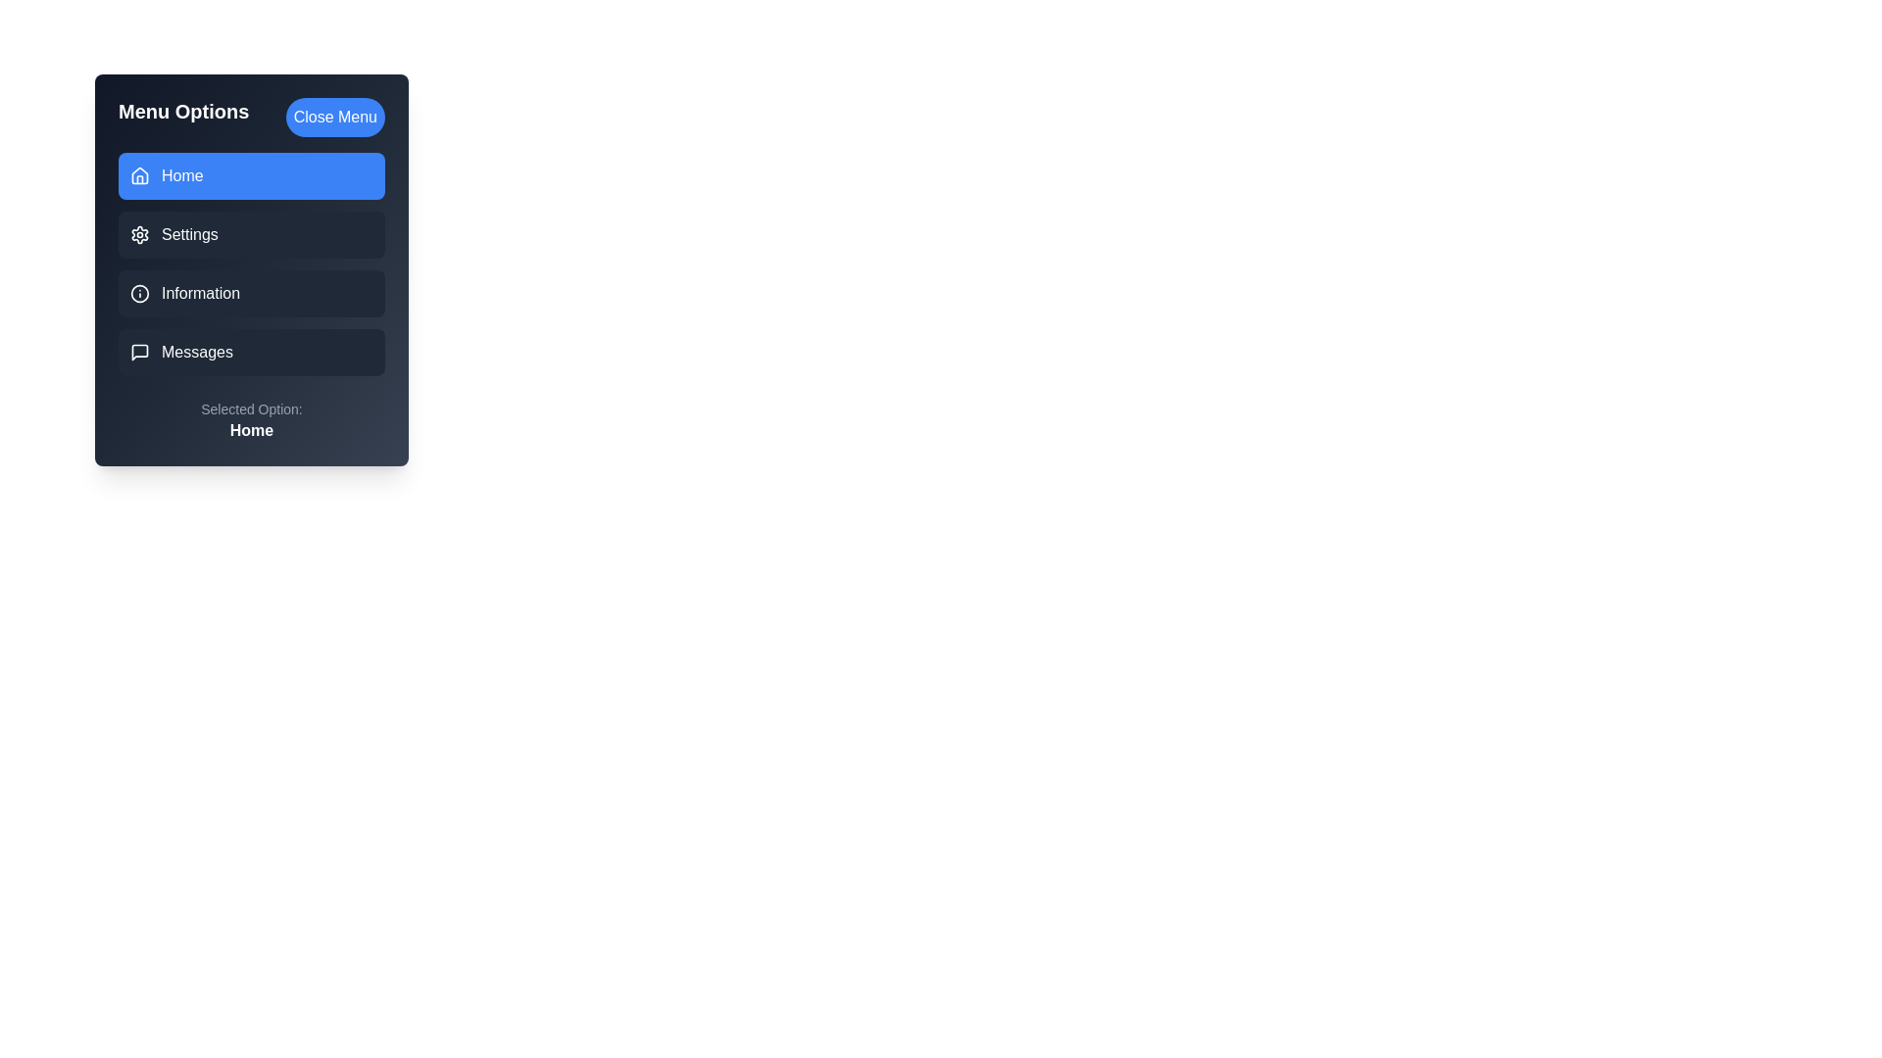 The image size is (1882, 1058). I want to click on the chat bubble icon, which is a square speech bubble shape outlined with a white stroke, located to the left of the 'Messages' text in the lower-most menu item of the vertical navigation menu, so click(139, 351).